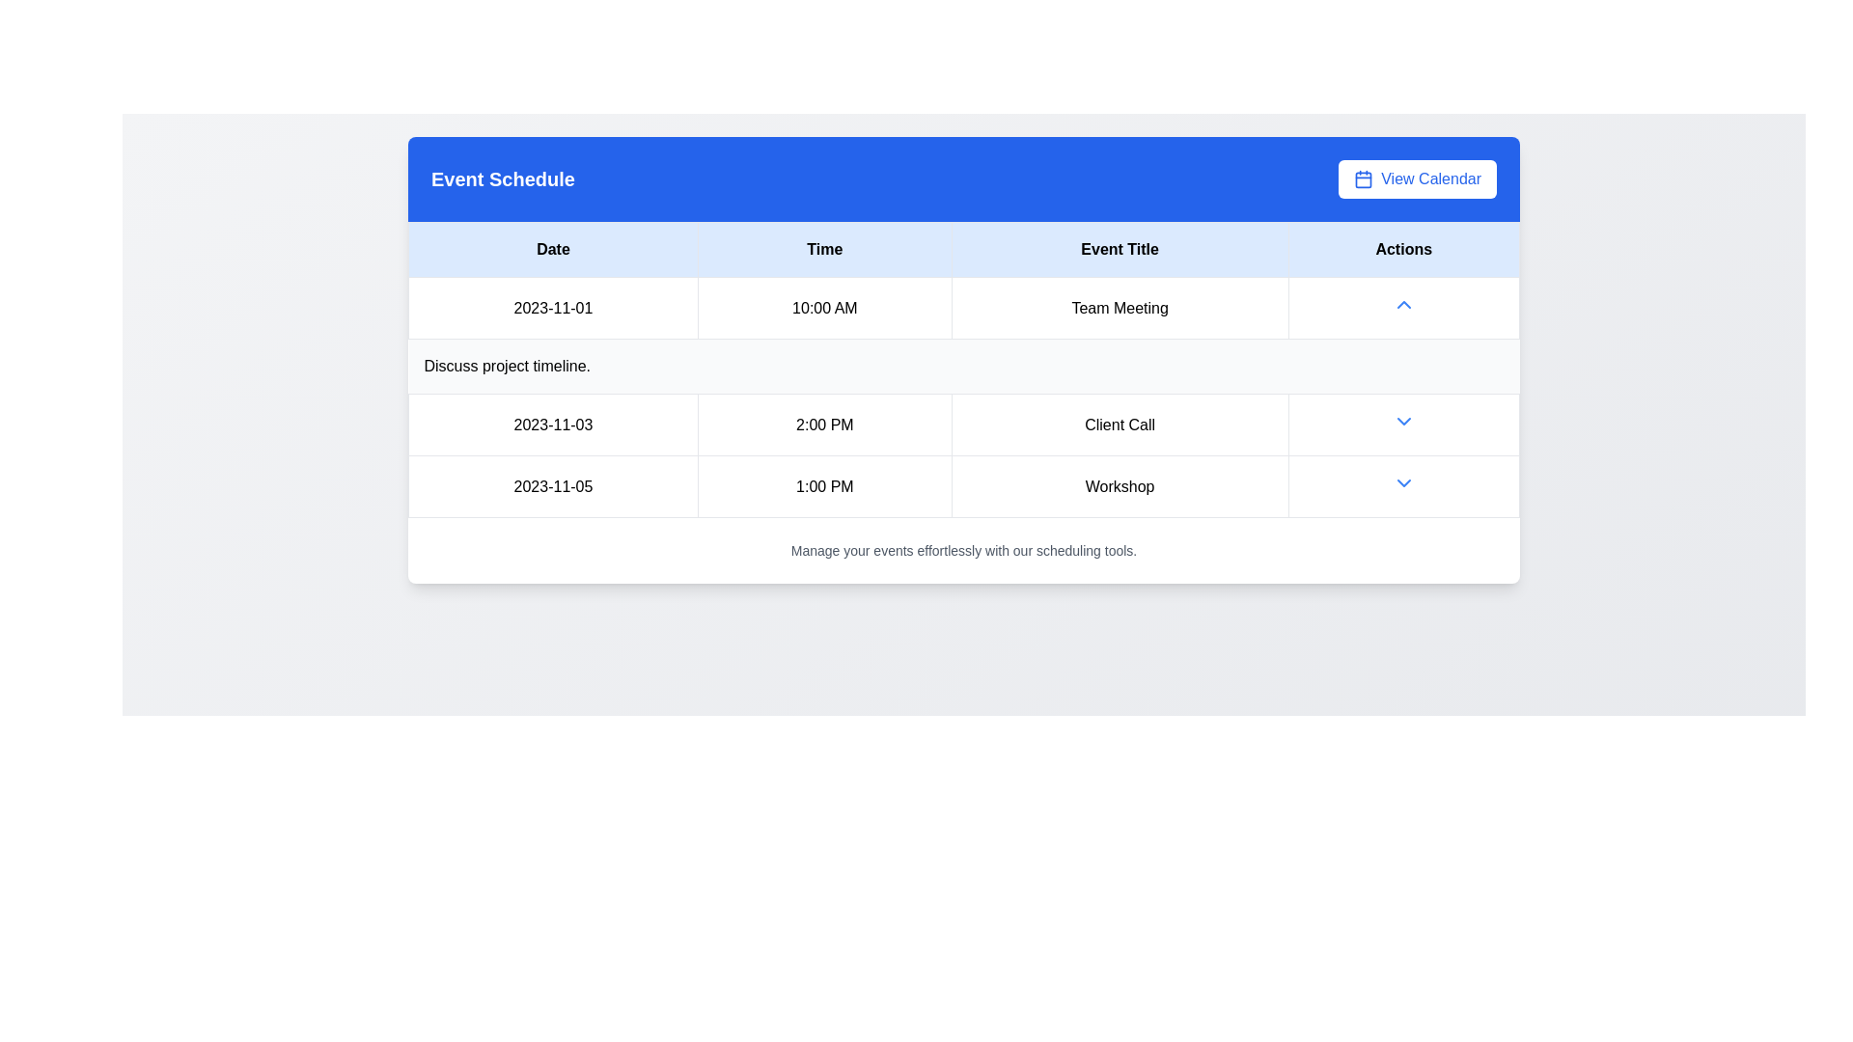 The image size is (1853, 1042). I want to click on the icon in the 'Actions' column of the last row of the table for the 'Workshop' event, so click(1403, 485).